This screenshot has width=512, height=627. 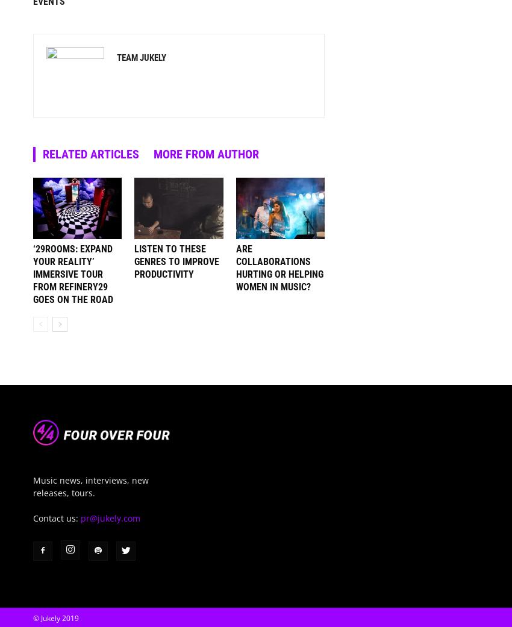 I want to click on 'pr@jukely.com', so click(x=110, y=517).